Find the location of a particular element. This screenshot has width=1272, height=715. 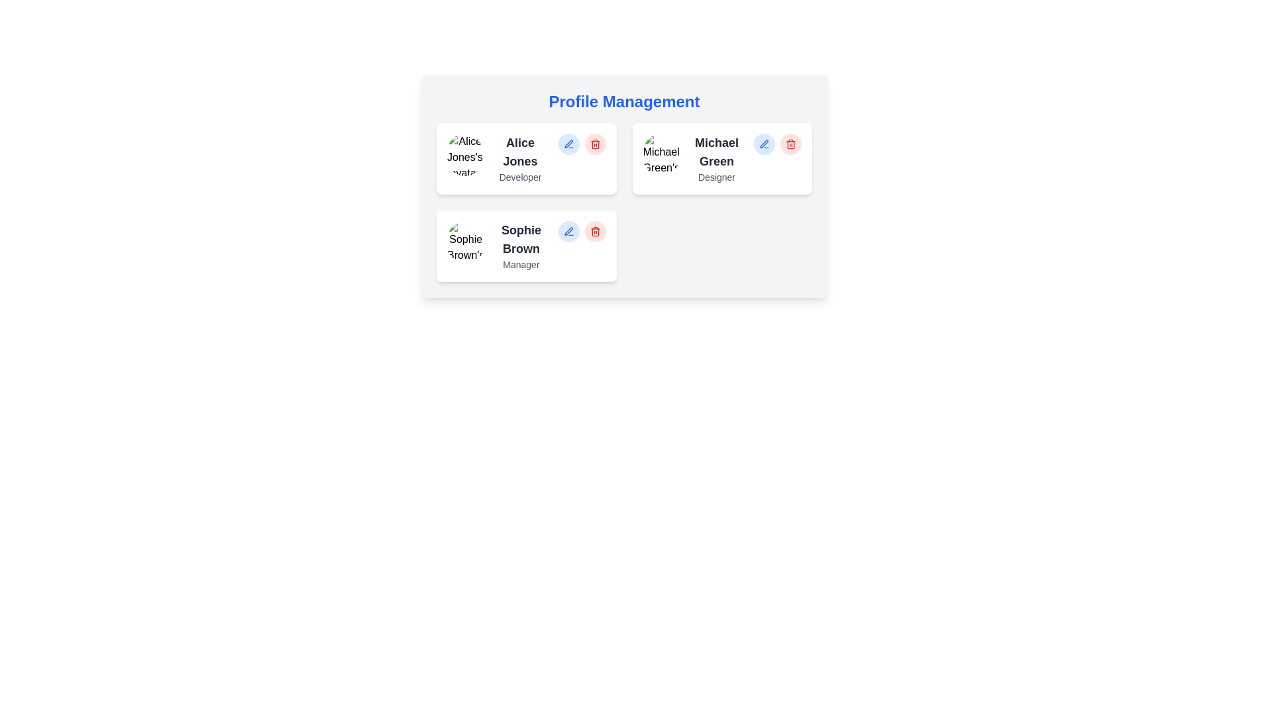

the circular image placeholder used as a user avatar located at the top-left corner of the card containing 'Sophie BrownManager' is located at coordinates (466, 242).